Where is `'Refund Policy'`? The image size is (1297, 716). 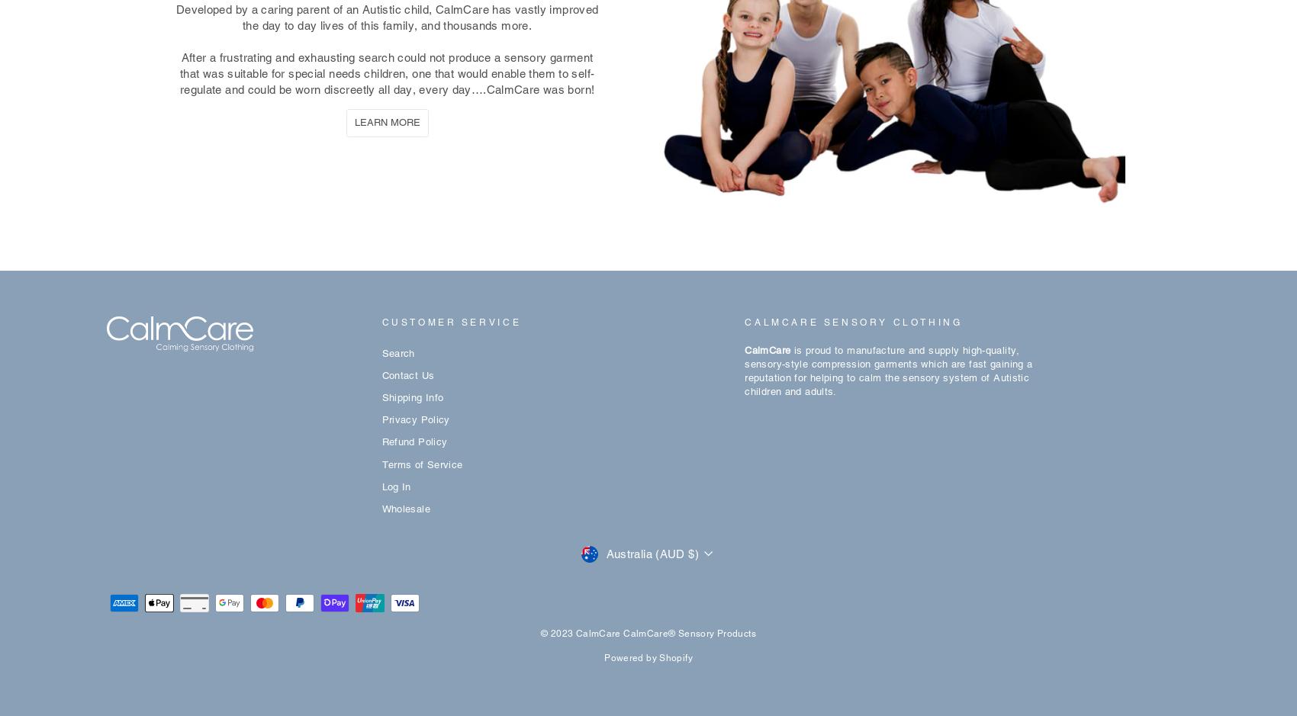
'Refund Policy' is located at coordinates (381, 441).